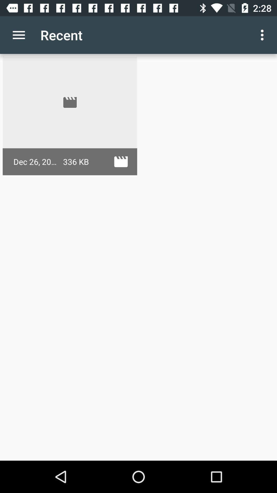  I want to click on the icon at the top right corner, so click(263, 35).